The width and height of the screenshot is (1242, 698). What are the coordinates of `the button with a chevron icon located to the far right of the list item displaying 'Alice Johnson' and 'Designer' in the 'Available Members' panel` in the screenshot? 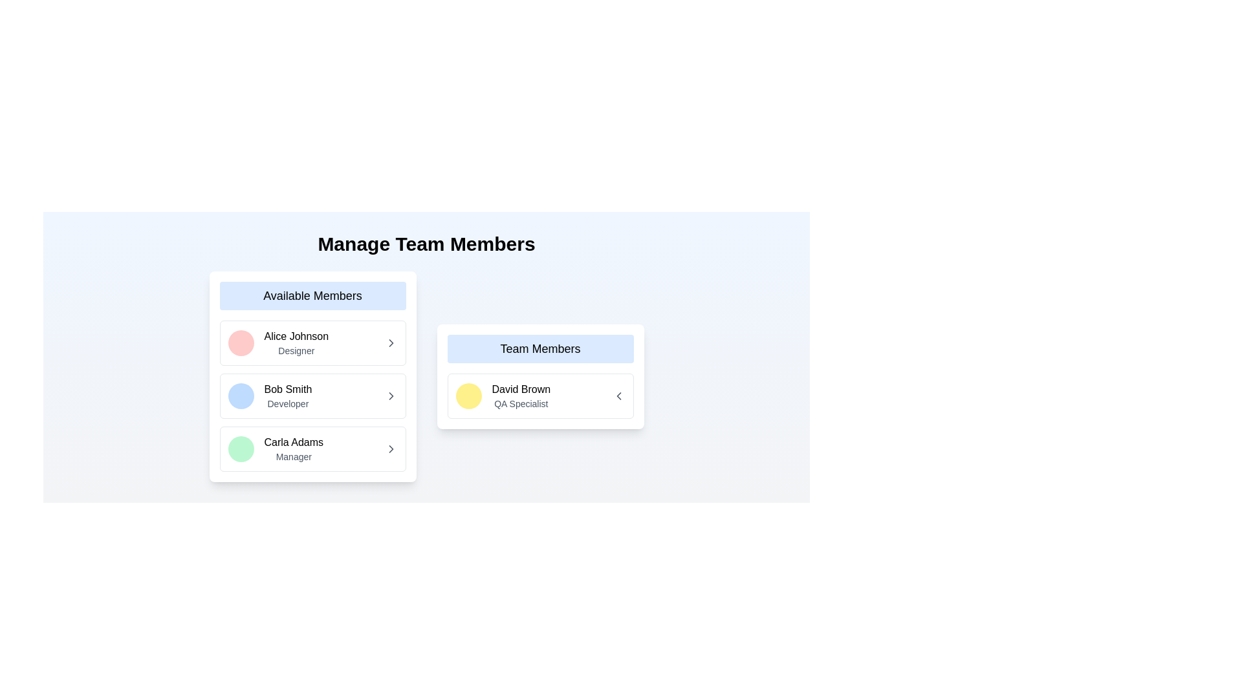 It's located at (390, 343).